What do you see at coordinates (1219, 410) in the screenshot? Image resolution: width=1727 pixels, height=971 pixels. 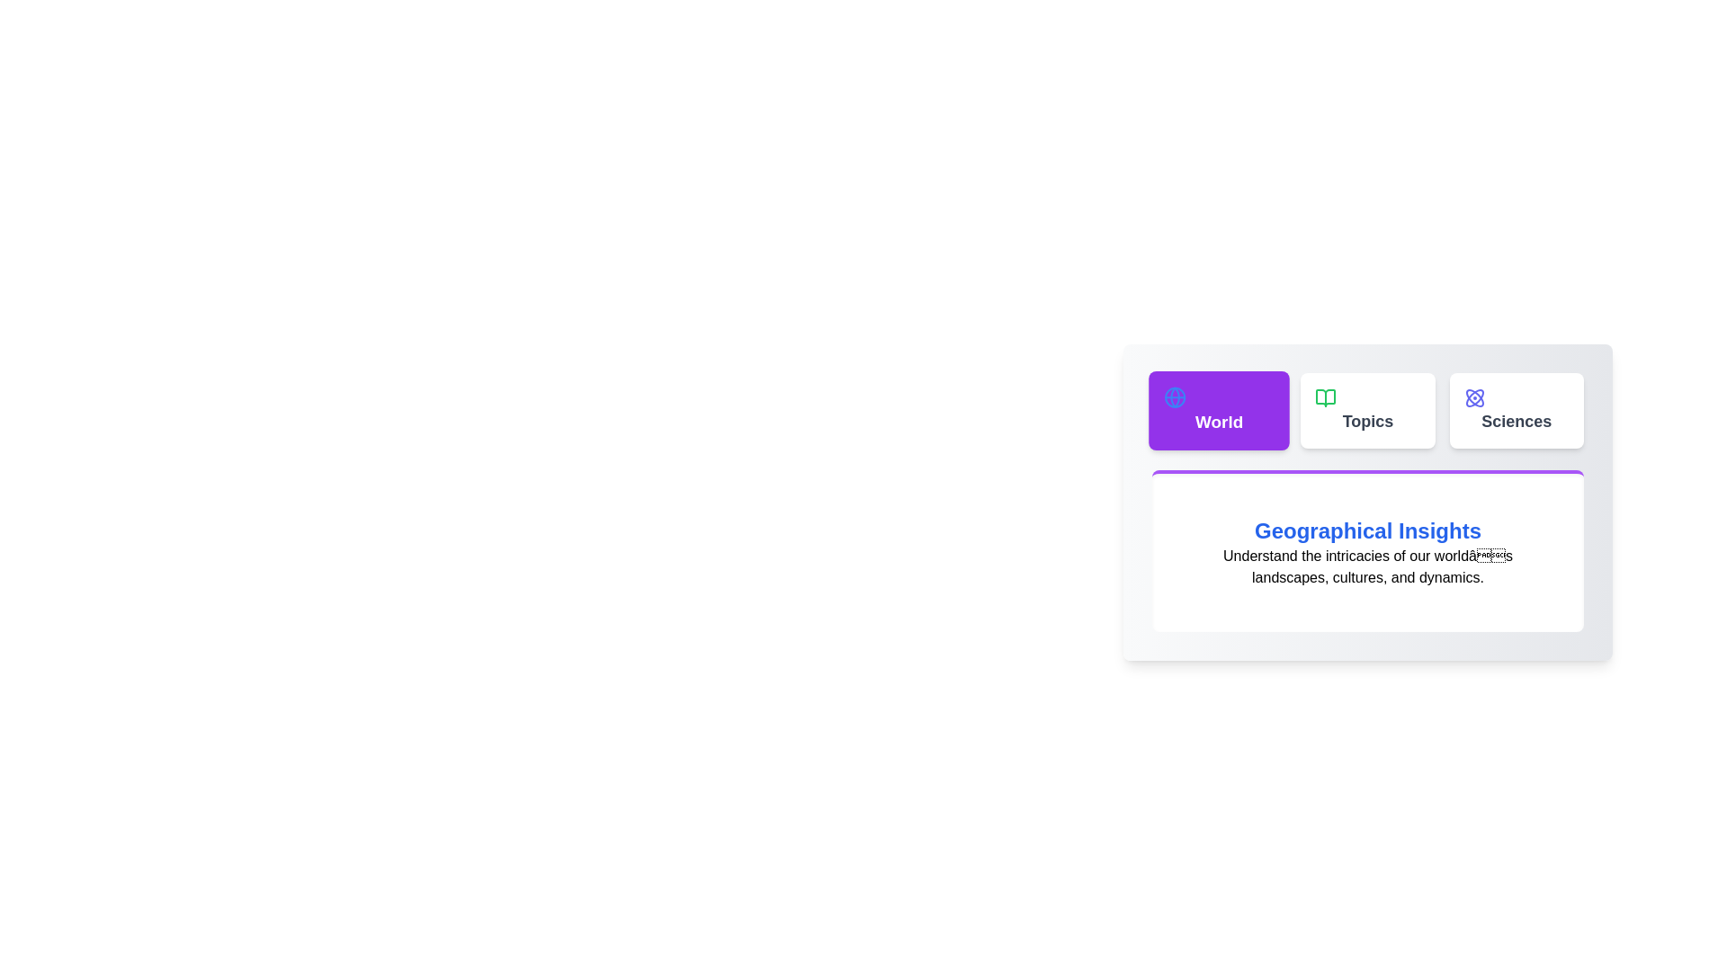 I see `the tab labeled World to switch the content displayed` at bounding box center [1219, 410].